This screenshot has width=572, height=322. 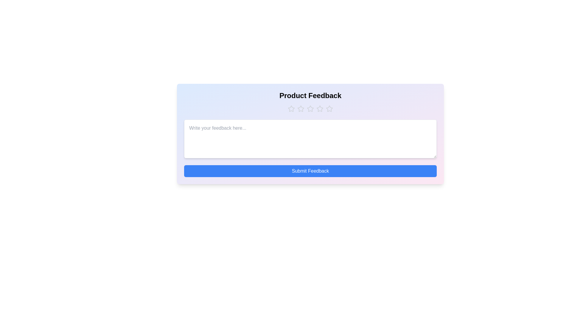 I want to click on the rating to 5 stars by clicking on the corresponding star, so click(x=329, y=109).